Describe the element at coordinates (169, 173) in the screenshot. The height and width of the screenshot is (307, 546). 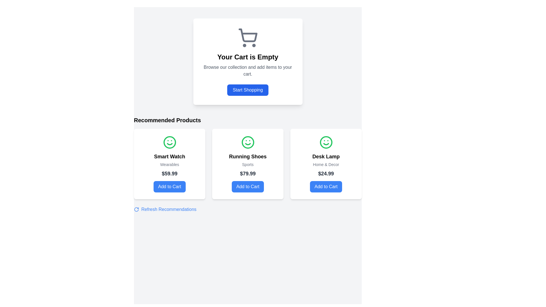
I see `the text label displaying the price '$59.99' for the product 'Smart Watch' in the 'Recommended Products' section` at that location.